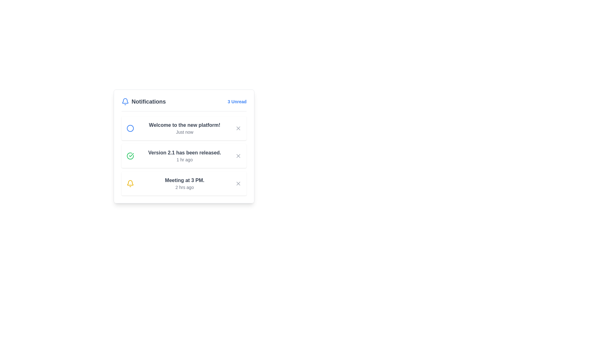  Describe the element at coordinates (183, 104) in the screenshot. I see `the information of the Header bar that summarizes the notification count and content, which includes a bell icon, the text 'Notifications', and '3 Unread'` at that location.